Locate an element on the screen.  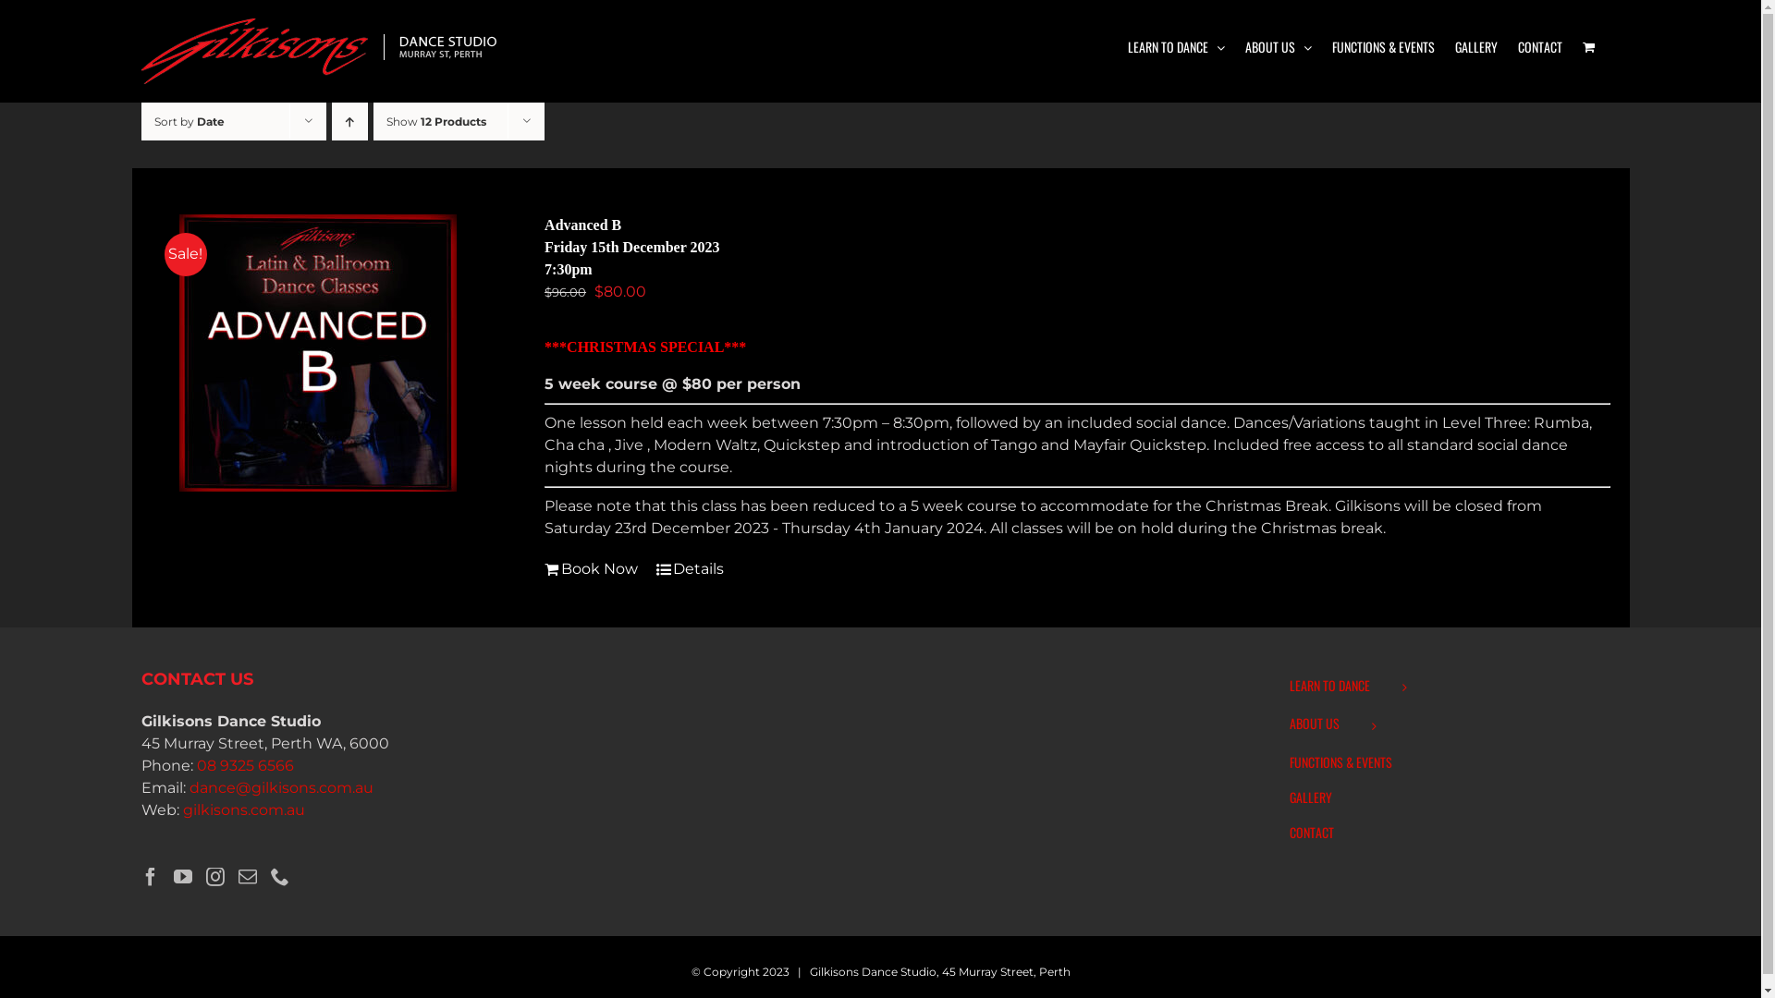
'dance@gilkisons.com.au' is located at coordinates (279, 787).